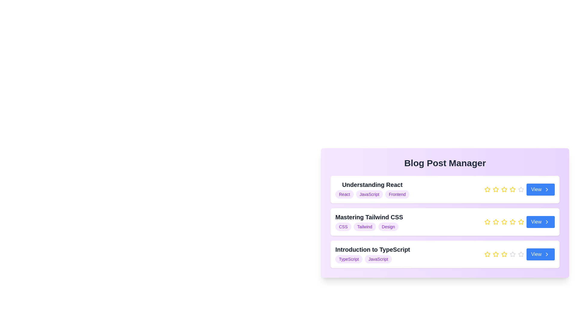 Image resolution: width=577 pixels, height=324 pixels. I want to click on the fifth yellow star icon in the rating interface for the blog entry titled 'Understanding React', so click(512, 190).